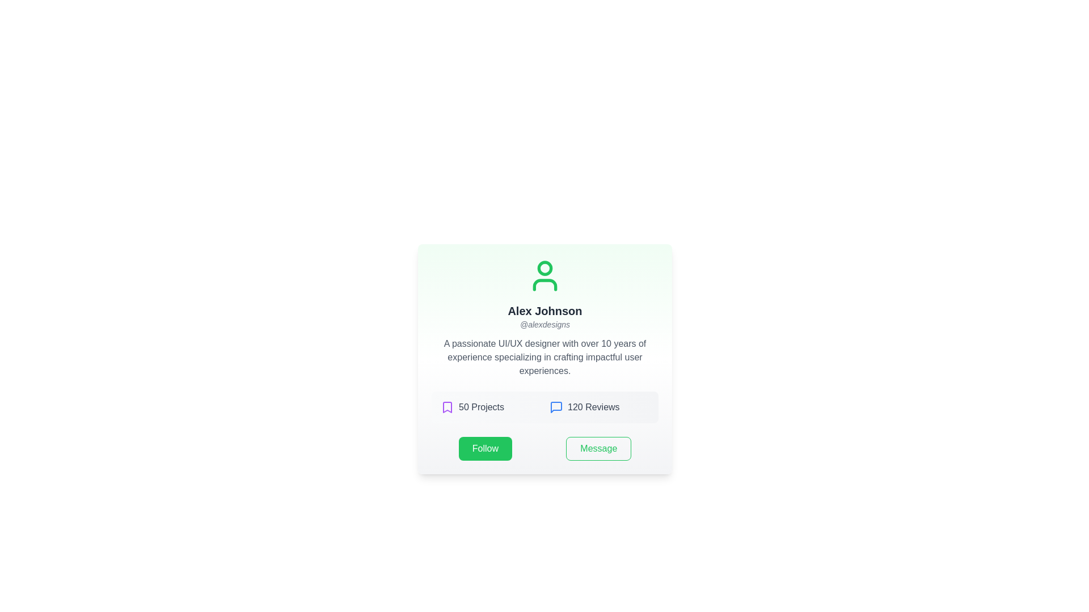  What do you see at coordinates (446, 406) in the screenshot?
I see `the bookmark icon located at the bottom-left area of the user card, which is the first element in a horizontal layout followed by the text '50 Projects'` at bounding box center [446, 406].